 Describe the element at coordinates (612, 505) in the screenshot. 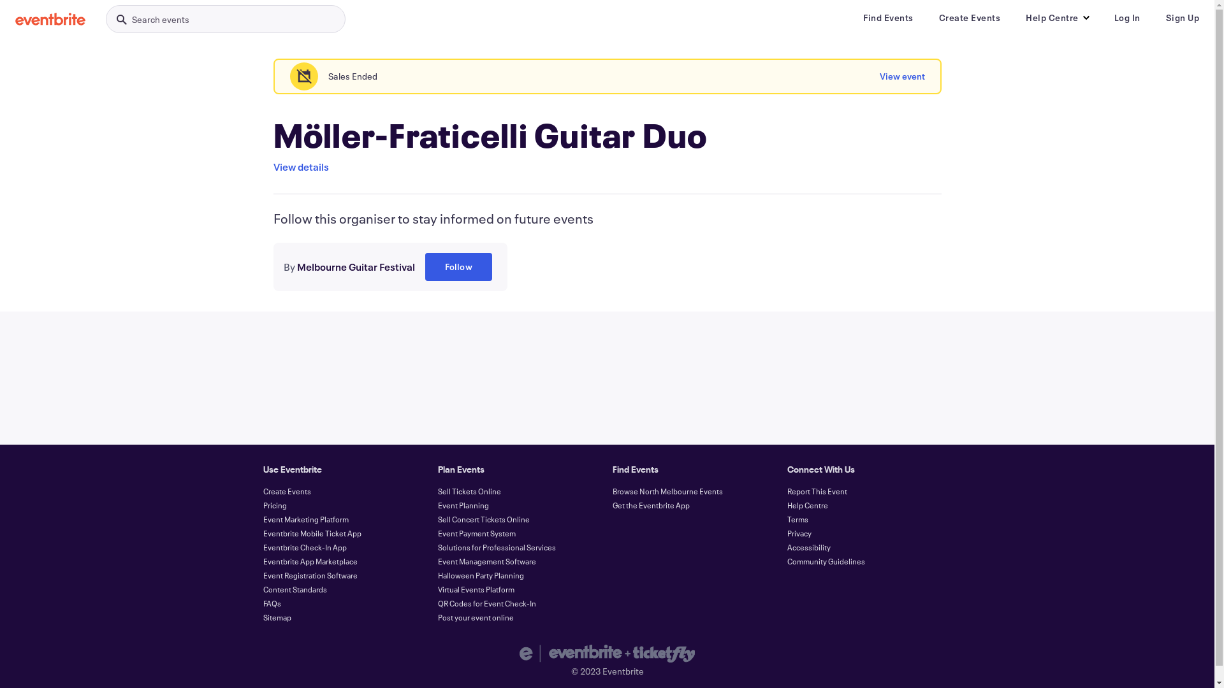

I see `'Get the Eventbrite App'` at that location.